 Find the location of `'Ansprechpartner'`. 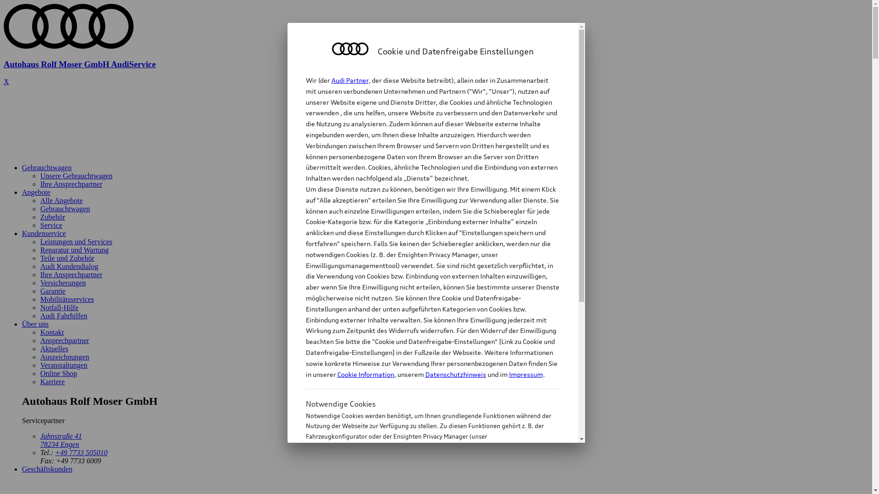

'Ansprechpartner' is located at coordinates (64, 340).